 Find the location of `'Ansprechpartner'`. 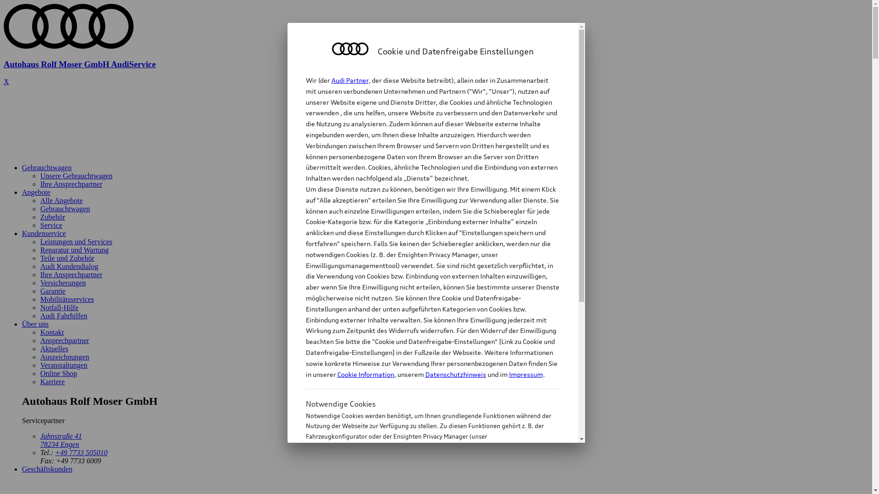

'Ansprechpartner' is located at coordinates (64, 340).